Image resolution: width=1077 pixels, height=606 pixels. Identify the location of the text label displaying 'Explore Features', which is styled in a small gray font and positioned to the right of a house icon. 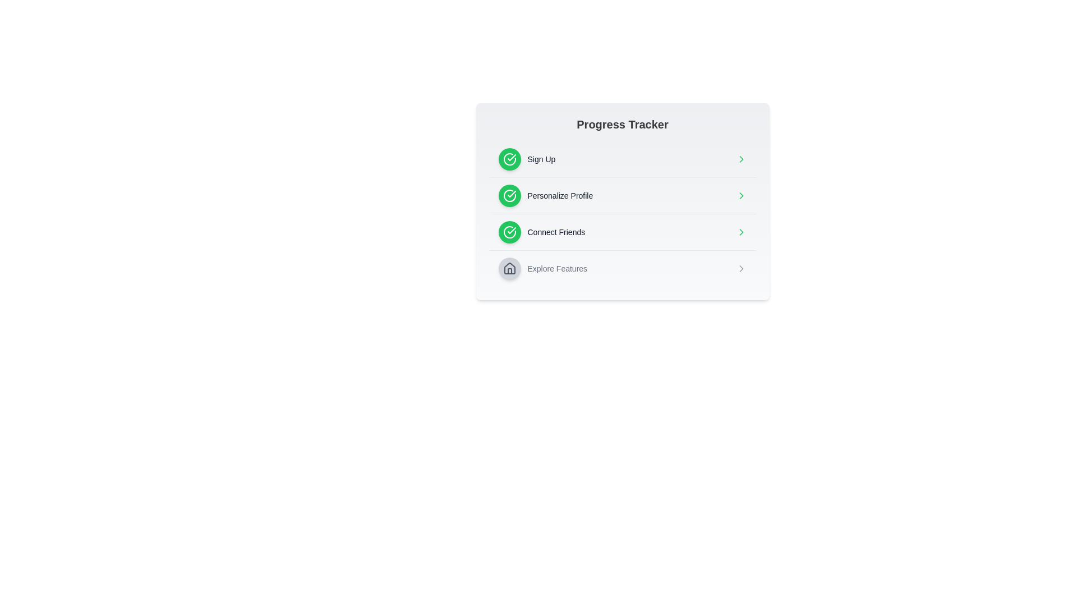
(557, 268).